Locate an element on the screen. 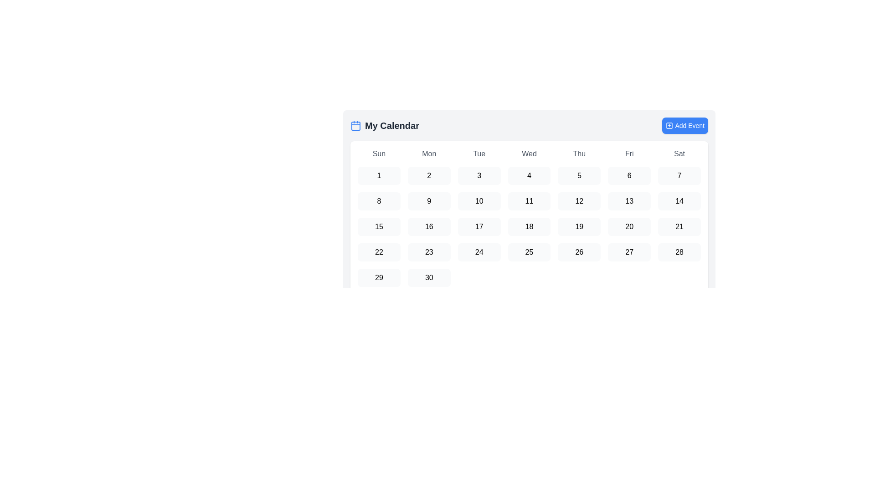 This screenshot has height=492, width=875. the Date cell displaying the number '10' in the calendar grid of 'My Calendar' is located at coordinates (479, 201).